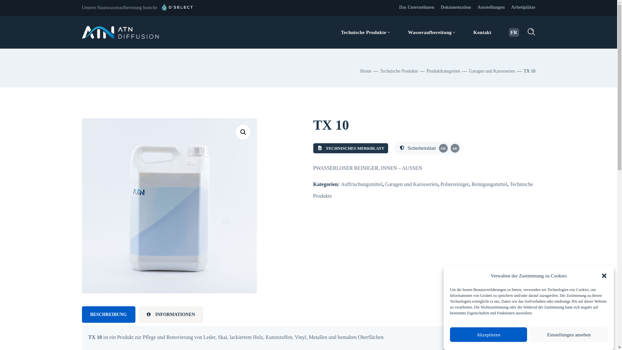 This screenshot has width=622, height=350. Describe the element at coordinates (432, 32) in the screenshot. I see `'Wasseraufbereitung'` at that location.